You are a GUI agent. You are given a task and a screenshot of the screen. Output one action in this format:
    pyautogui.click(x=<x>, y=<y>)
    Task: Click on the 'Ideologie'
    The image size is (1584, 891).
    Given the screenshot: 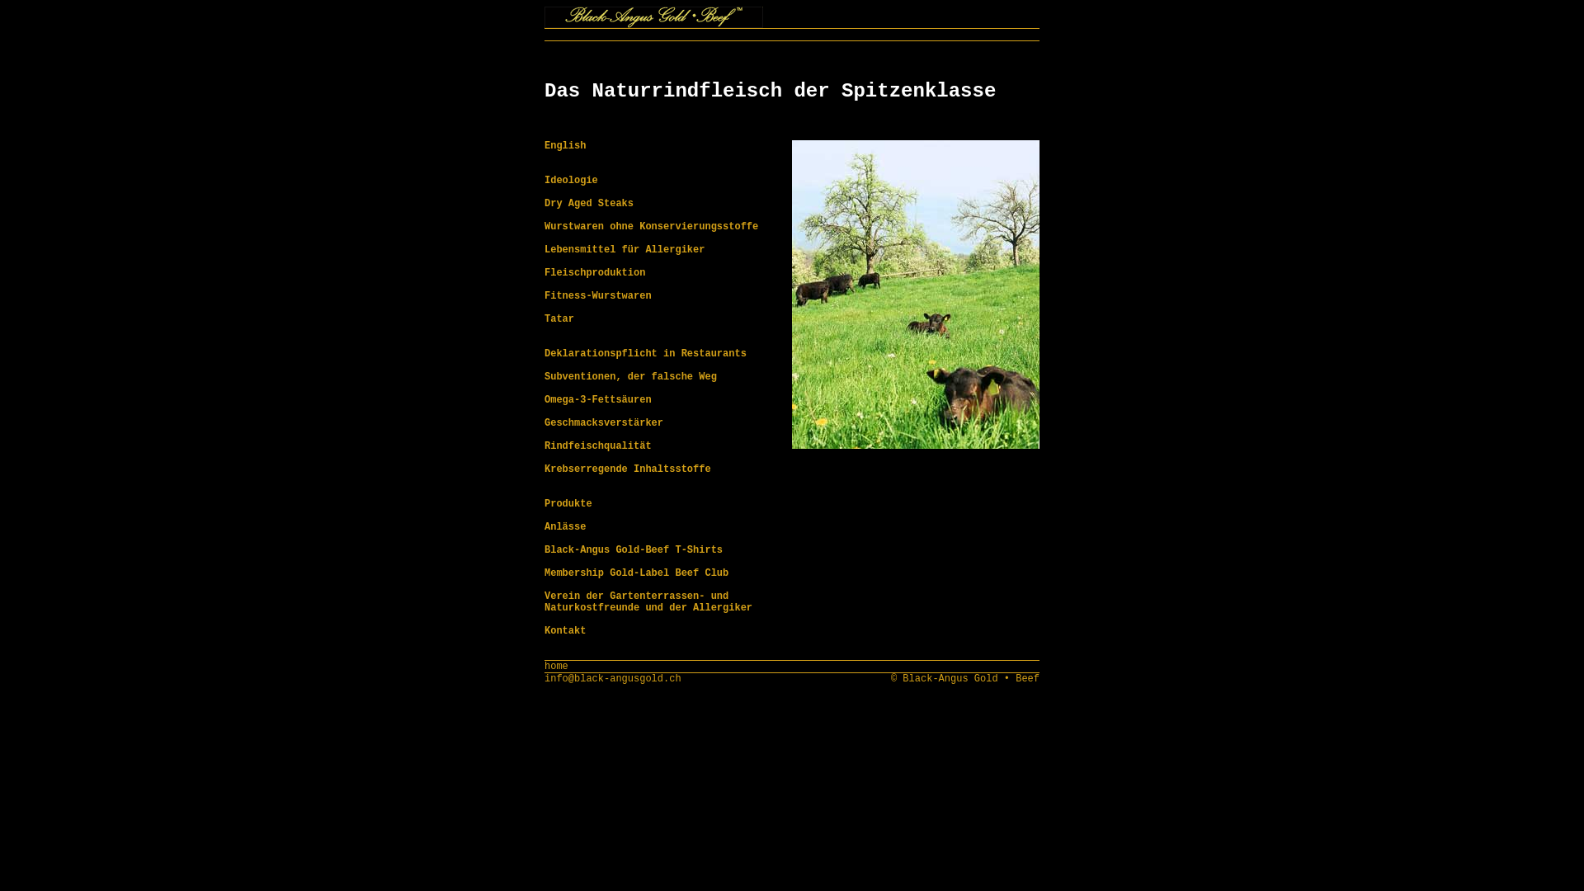 What is the action you would take?
    pyautogui.click(x=571, y=181)
    